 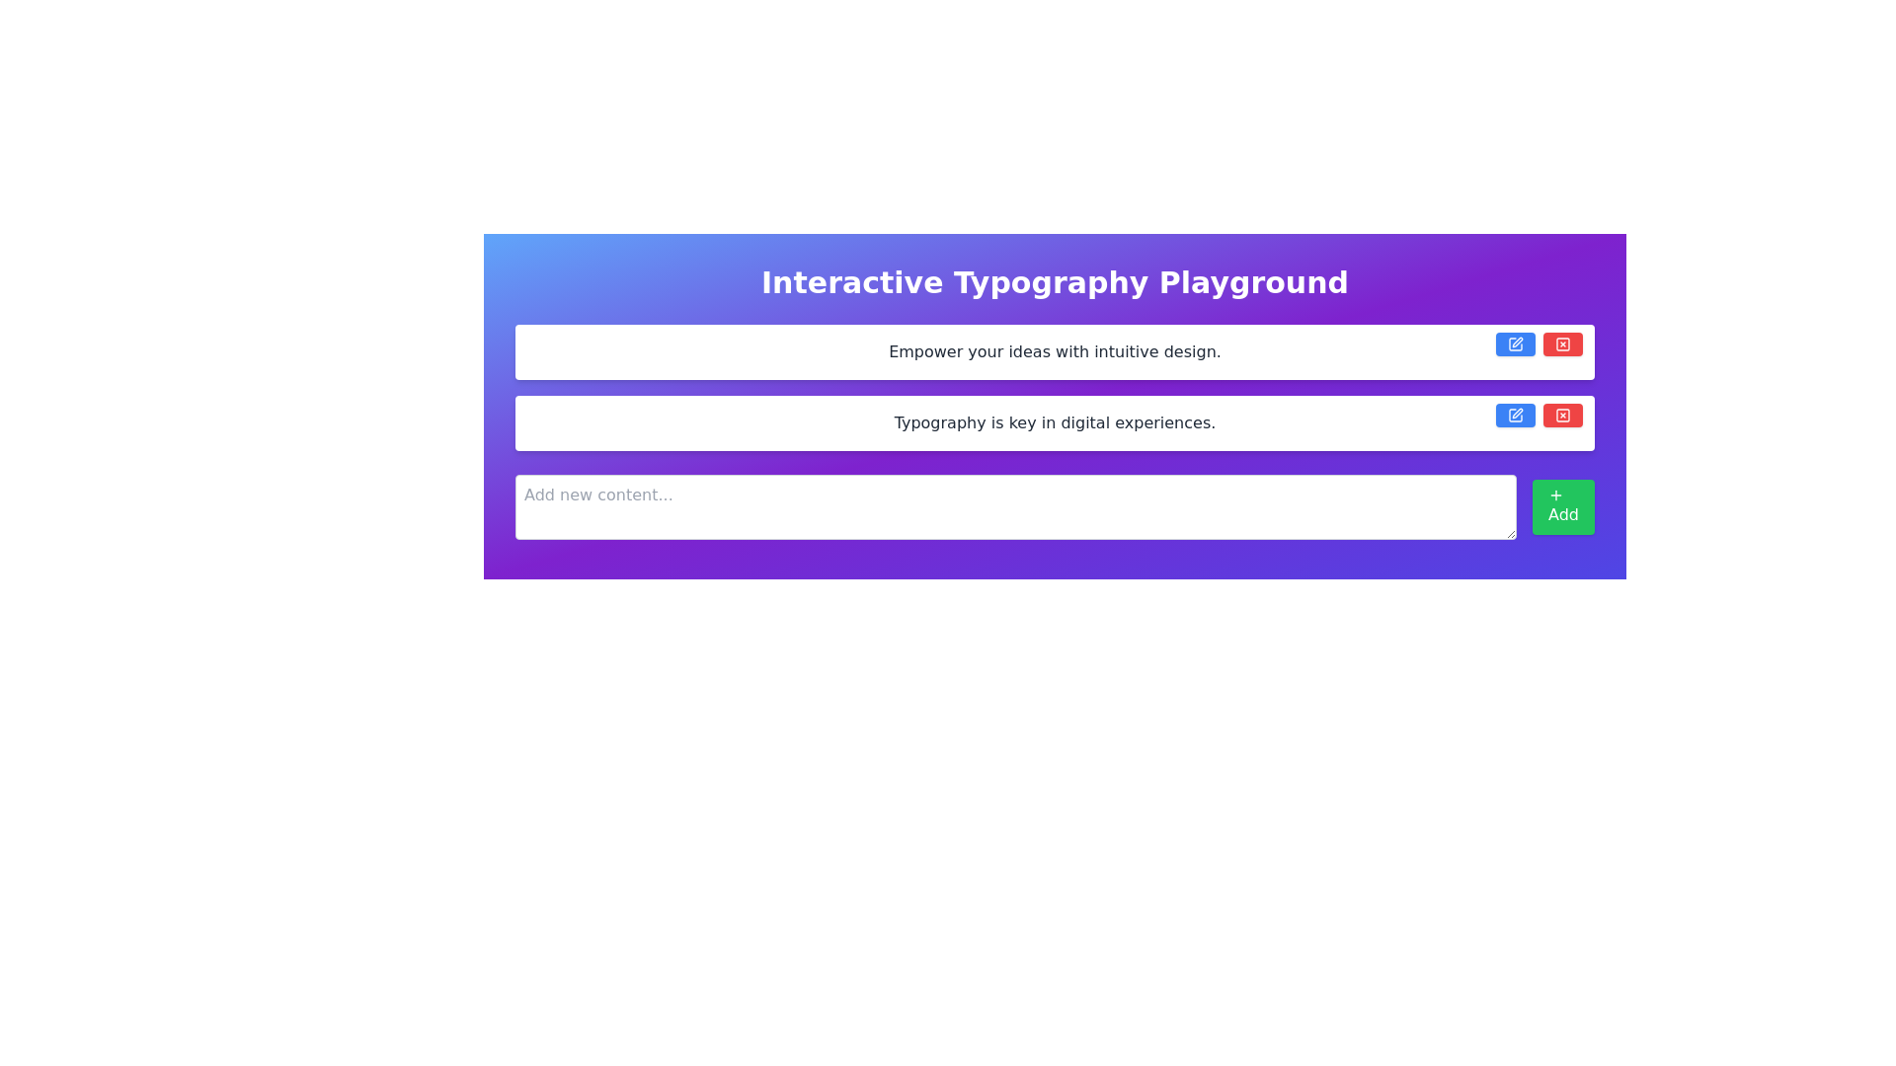 I want to click on the delete or close action icon located inside the red button, so click(x=1562, y=343).